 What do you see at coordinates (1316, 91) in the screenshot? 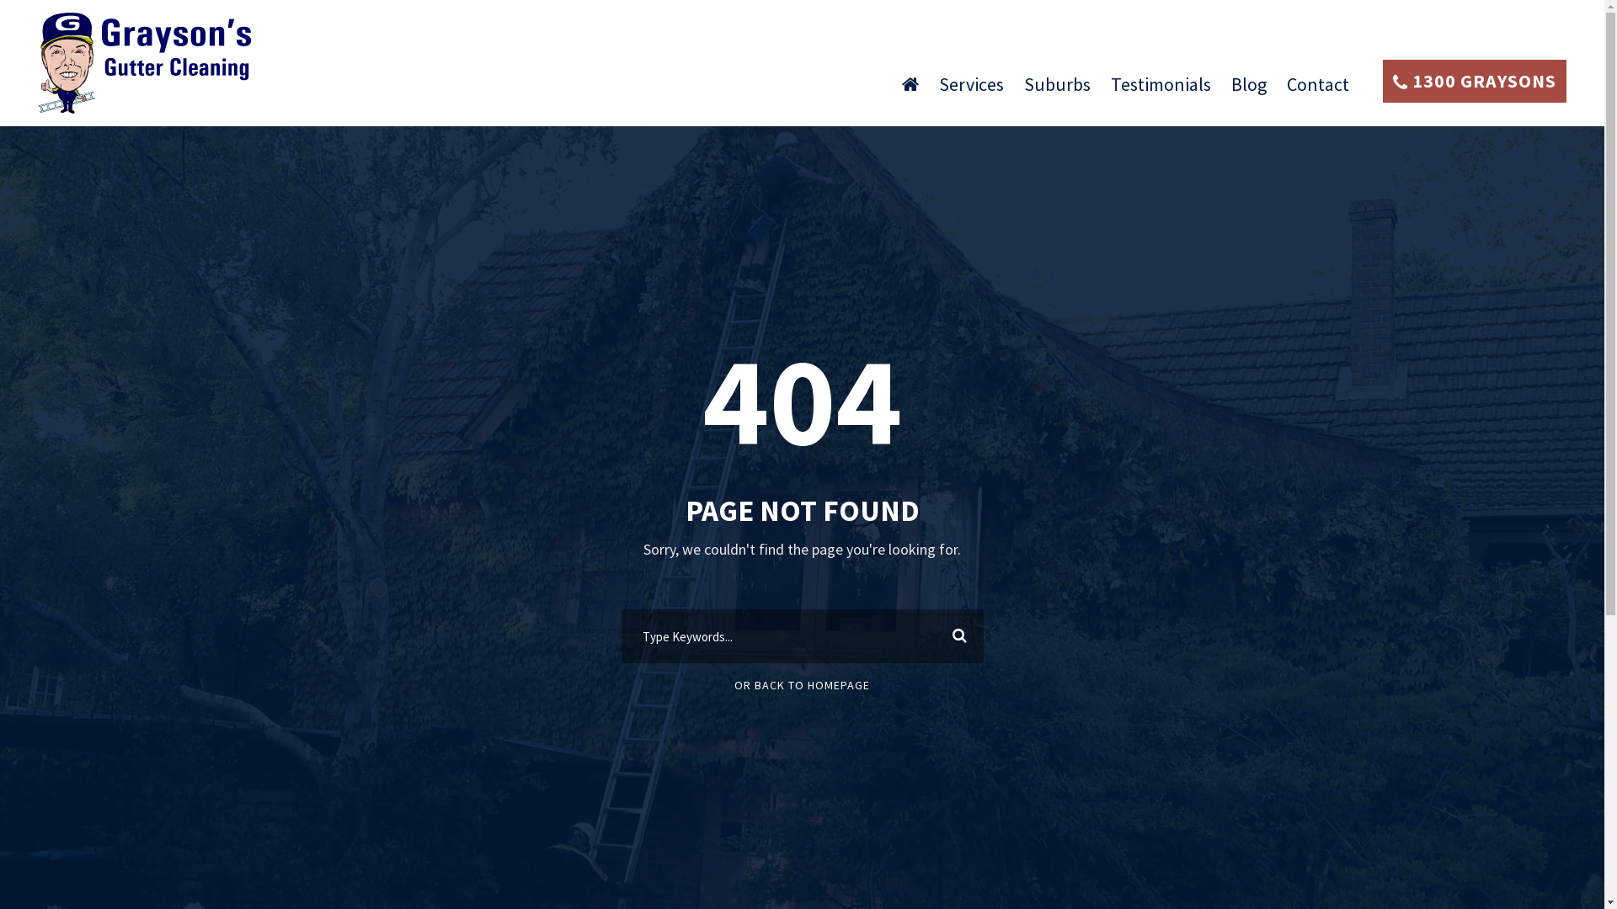
I see `'Contact'` at bounding box center [1316, 91].